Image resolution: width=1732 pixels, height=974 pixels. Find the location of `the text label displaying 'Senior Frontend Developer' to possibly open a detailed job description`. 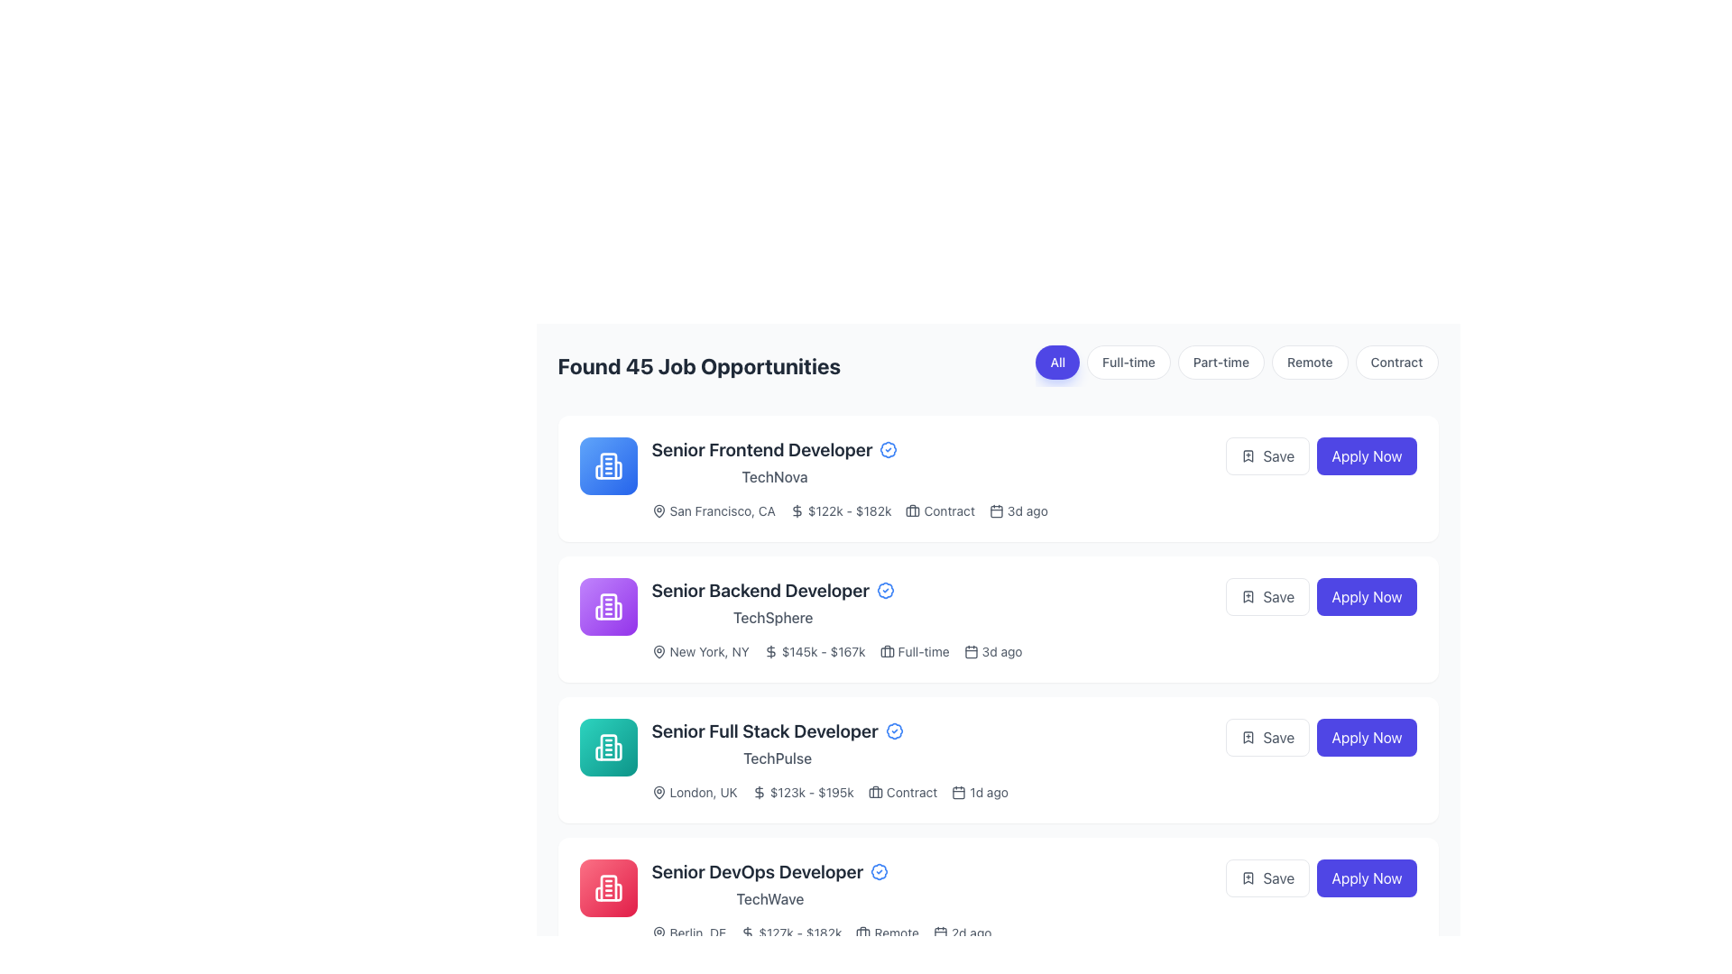

the text label displaying 'Senior Frontend Developer' to possibly open a detailed job description is located at coordinates (775, 448).